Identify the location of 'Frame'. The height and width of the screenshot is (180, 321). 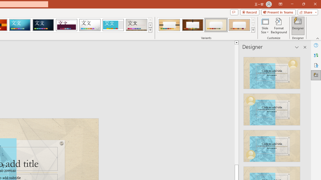
(113, 25).